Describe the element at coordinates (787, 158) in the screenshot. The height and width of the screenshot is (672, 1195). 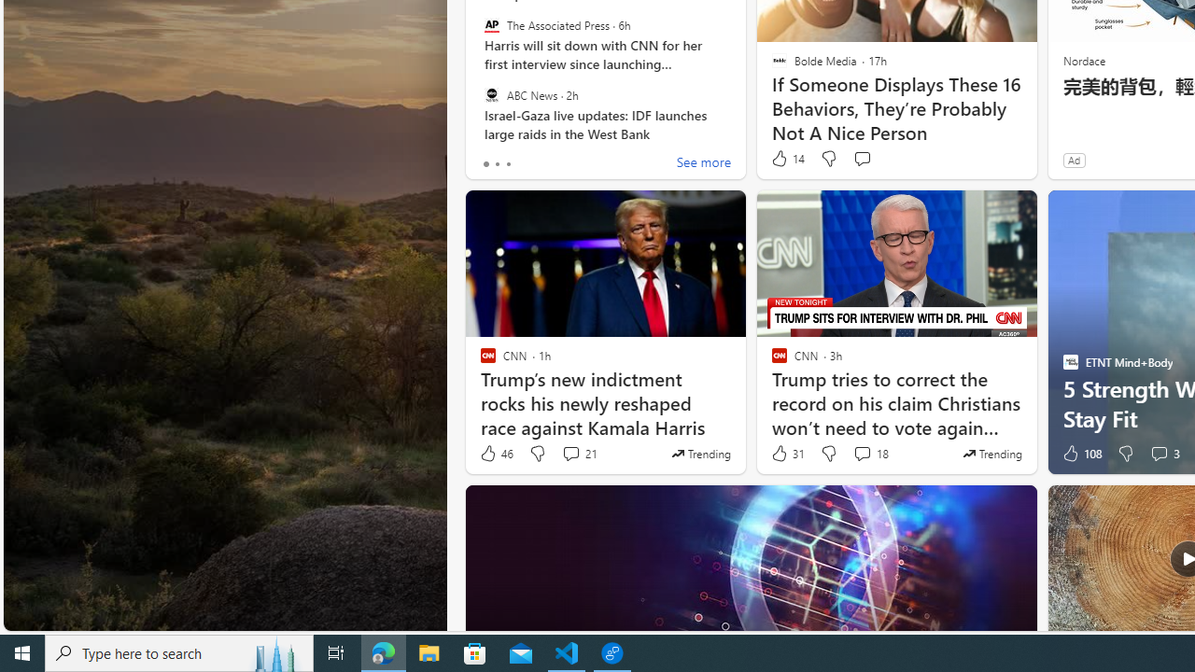
I see `'14 Like'` at that location.